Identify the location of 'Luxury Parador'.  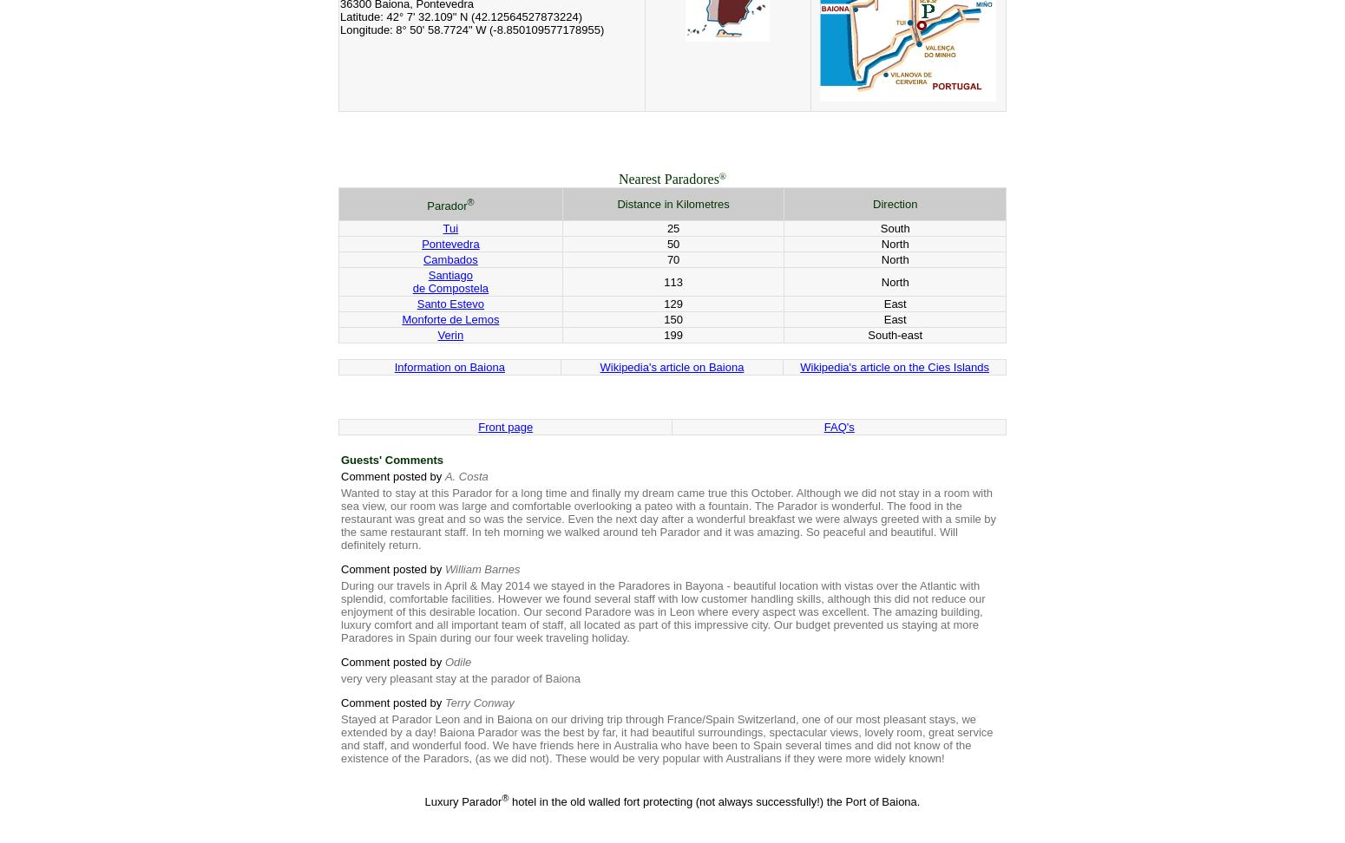
(462, 801).